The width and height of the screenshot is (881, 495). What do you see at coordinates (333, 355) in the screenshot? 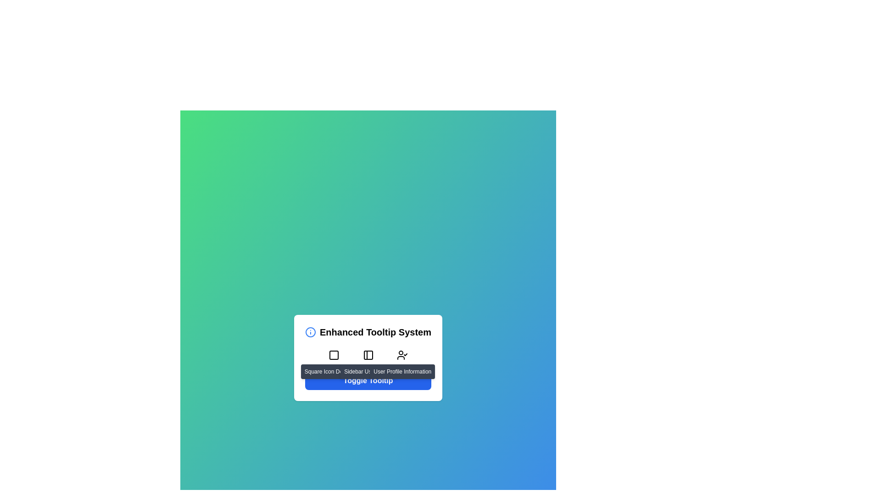
I see `the 'Square Icon Description' icon, which is the leftmost icon in a row of three icons under the heading 'Enhanced Tooltip System'` at bounding box center [333, 355].